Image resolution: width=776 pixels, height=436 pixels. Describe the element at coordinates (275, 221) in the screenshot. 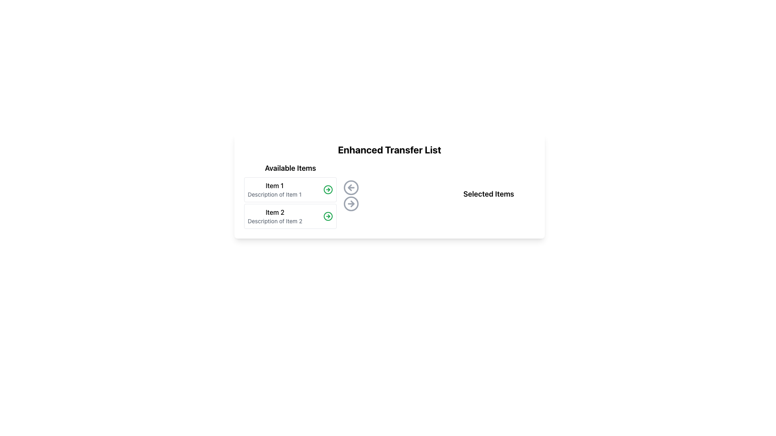

I see `the static text label displaying 'Description of Item 2', which is styled in gray and positioned below 'Item 2' within the 'Available Items' section` at that location.